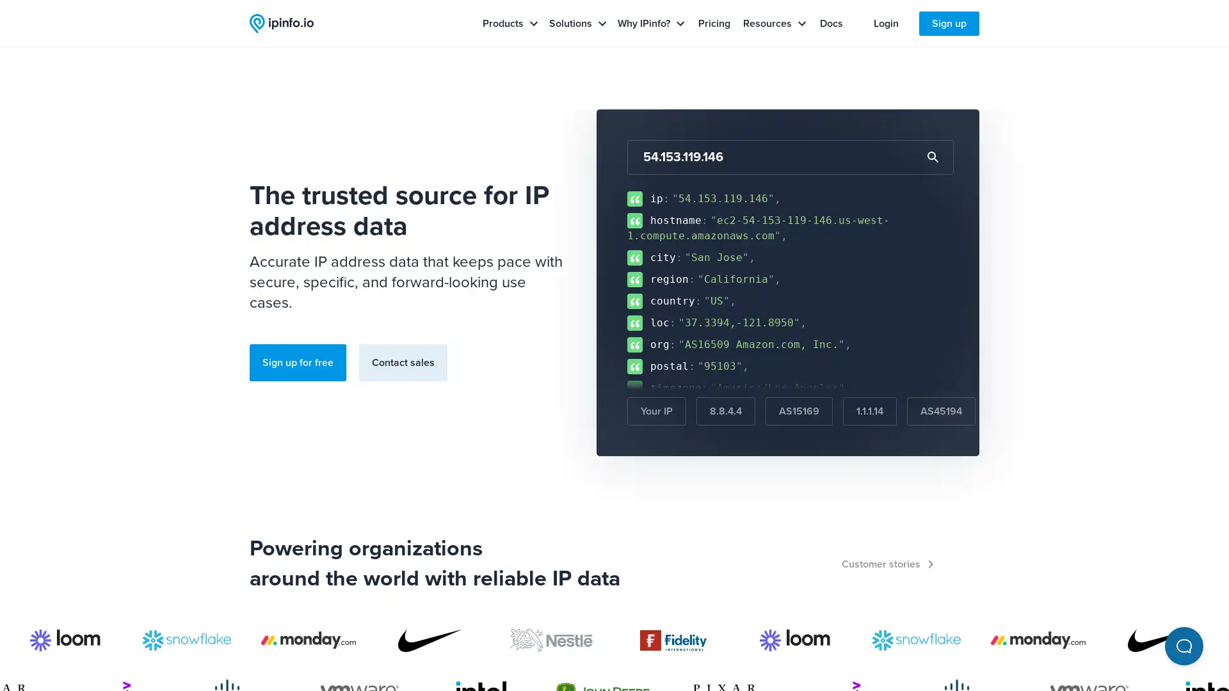  I want to click on 1.1.1.14, so click(869, 411).